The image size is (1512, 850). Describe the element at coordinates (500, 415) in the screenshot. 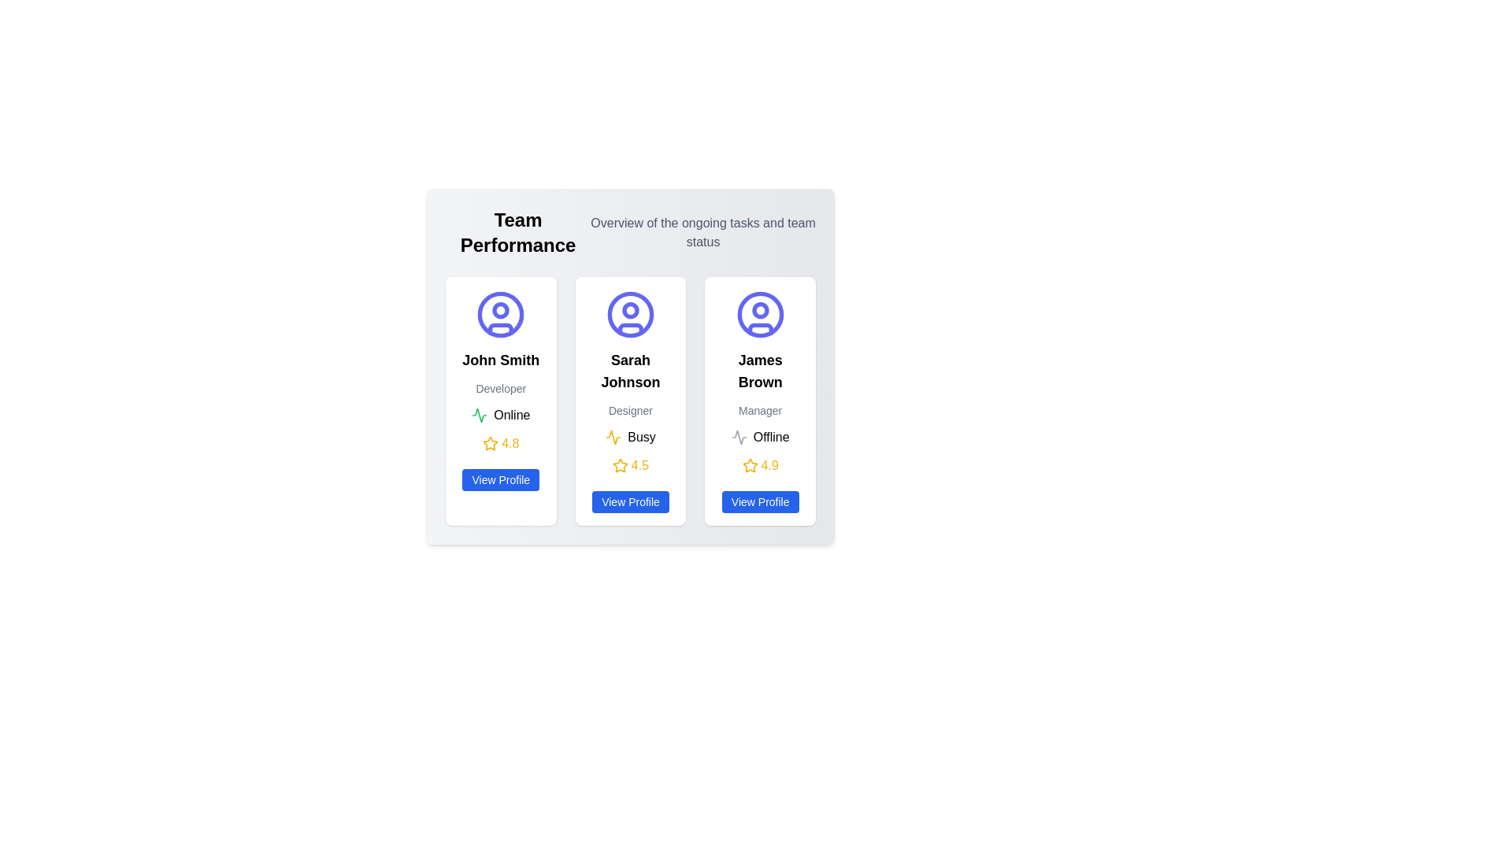

I see `status text of the Status label located in the middle portion of the first card, beneath the text 'Developer' and above the rating display for John Smith` at that location.